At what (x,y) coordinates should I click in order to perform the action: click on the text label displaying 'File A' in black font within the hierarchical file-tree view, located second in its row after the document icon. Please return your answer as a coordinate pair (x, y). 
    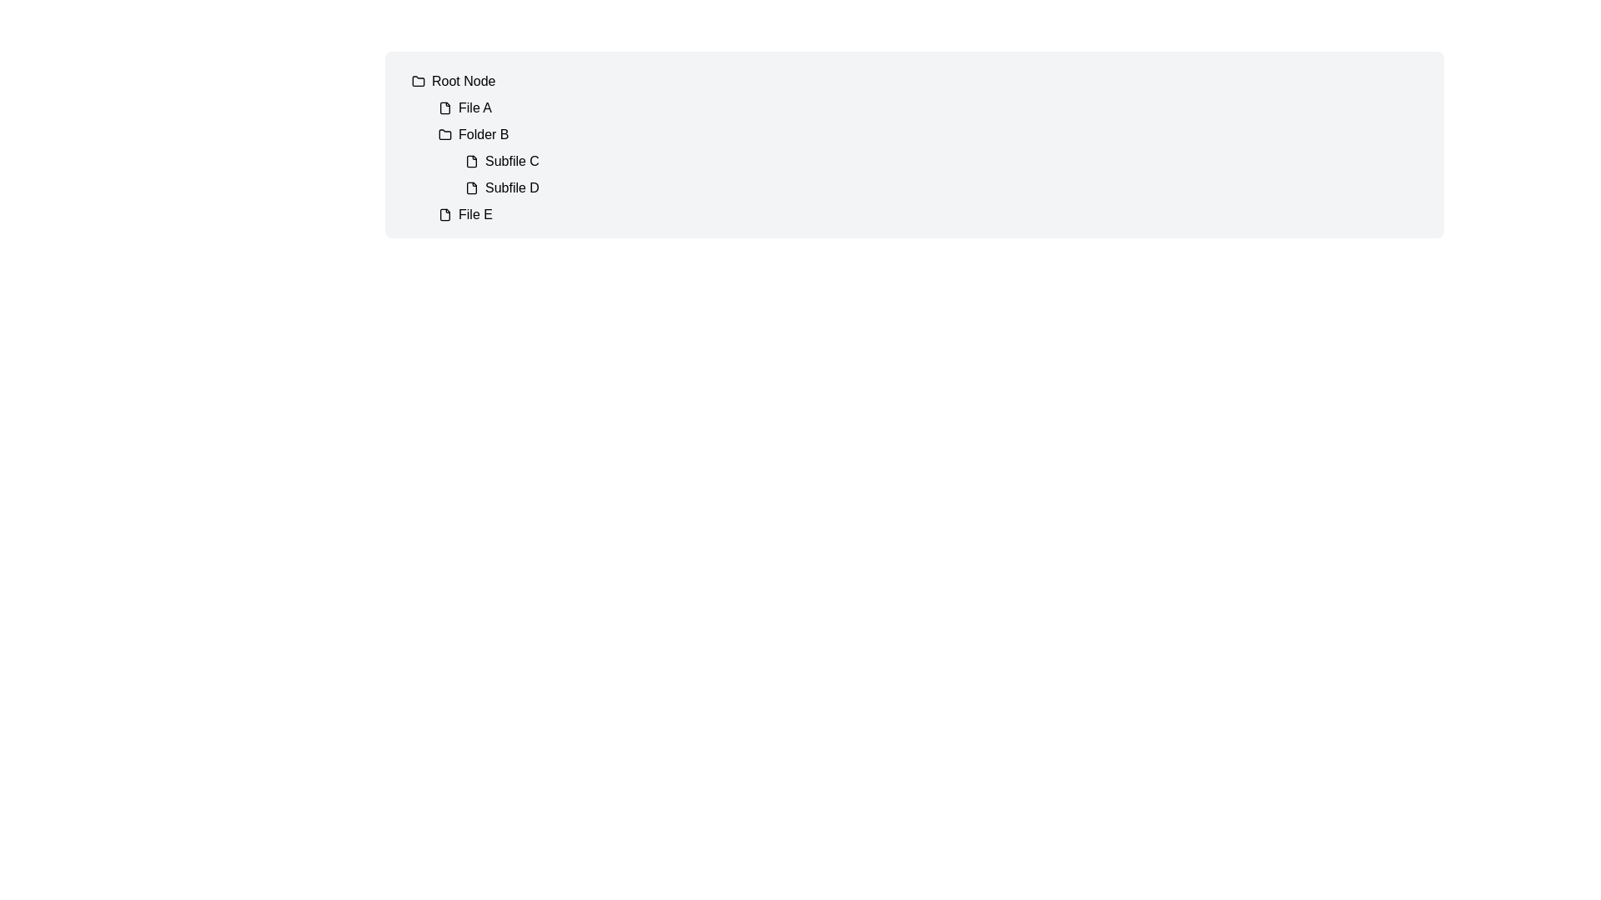
    Looking at the image, I should click on (474, 108).